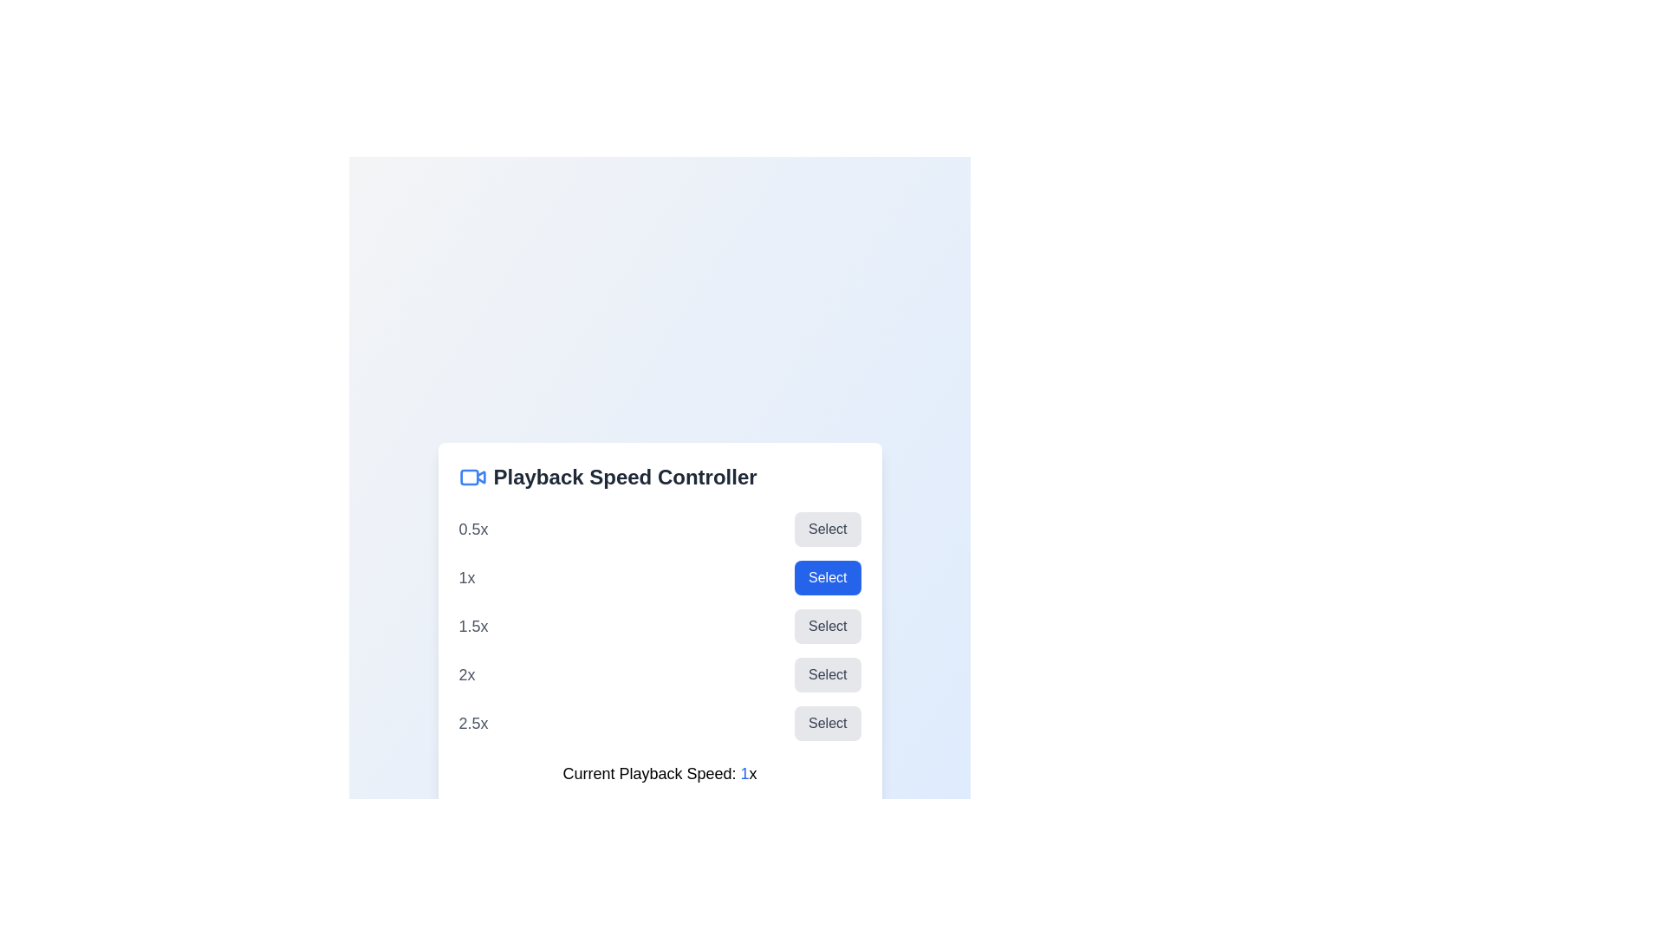 Image resolution: width=1664 pixels, height=936 pixels. Describe the element at coordinates (827, 674) in the screenshot. I see `the playback speed button located to the right of the '2x' label` at that location.